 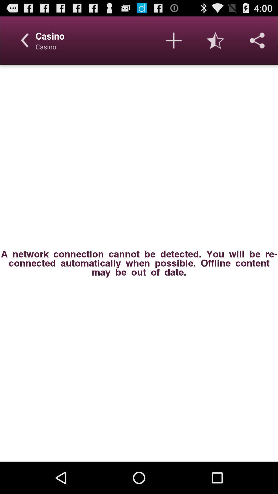 What do you see at coordinates (174, 40) in the screenshot?
I see `the item above the a network connection icon` at bounding box center [174, 40].